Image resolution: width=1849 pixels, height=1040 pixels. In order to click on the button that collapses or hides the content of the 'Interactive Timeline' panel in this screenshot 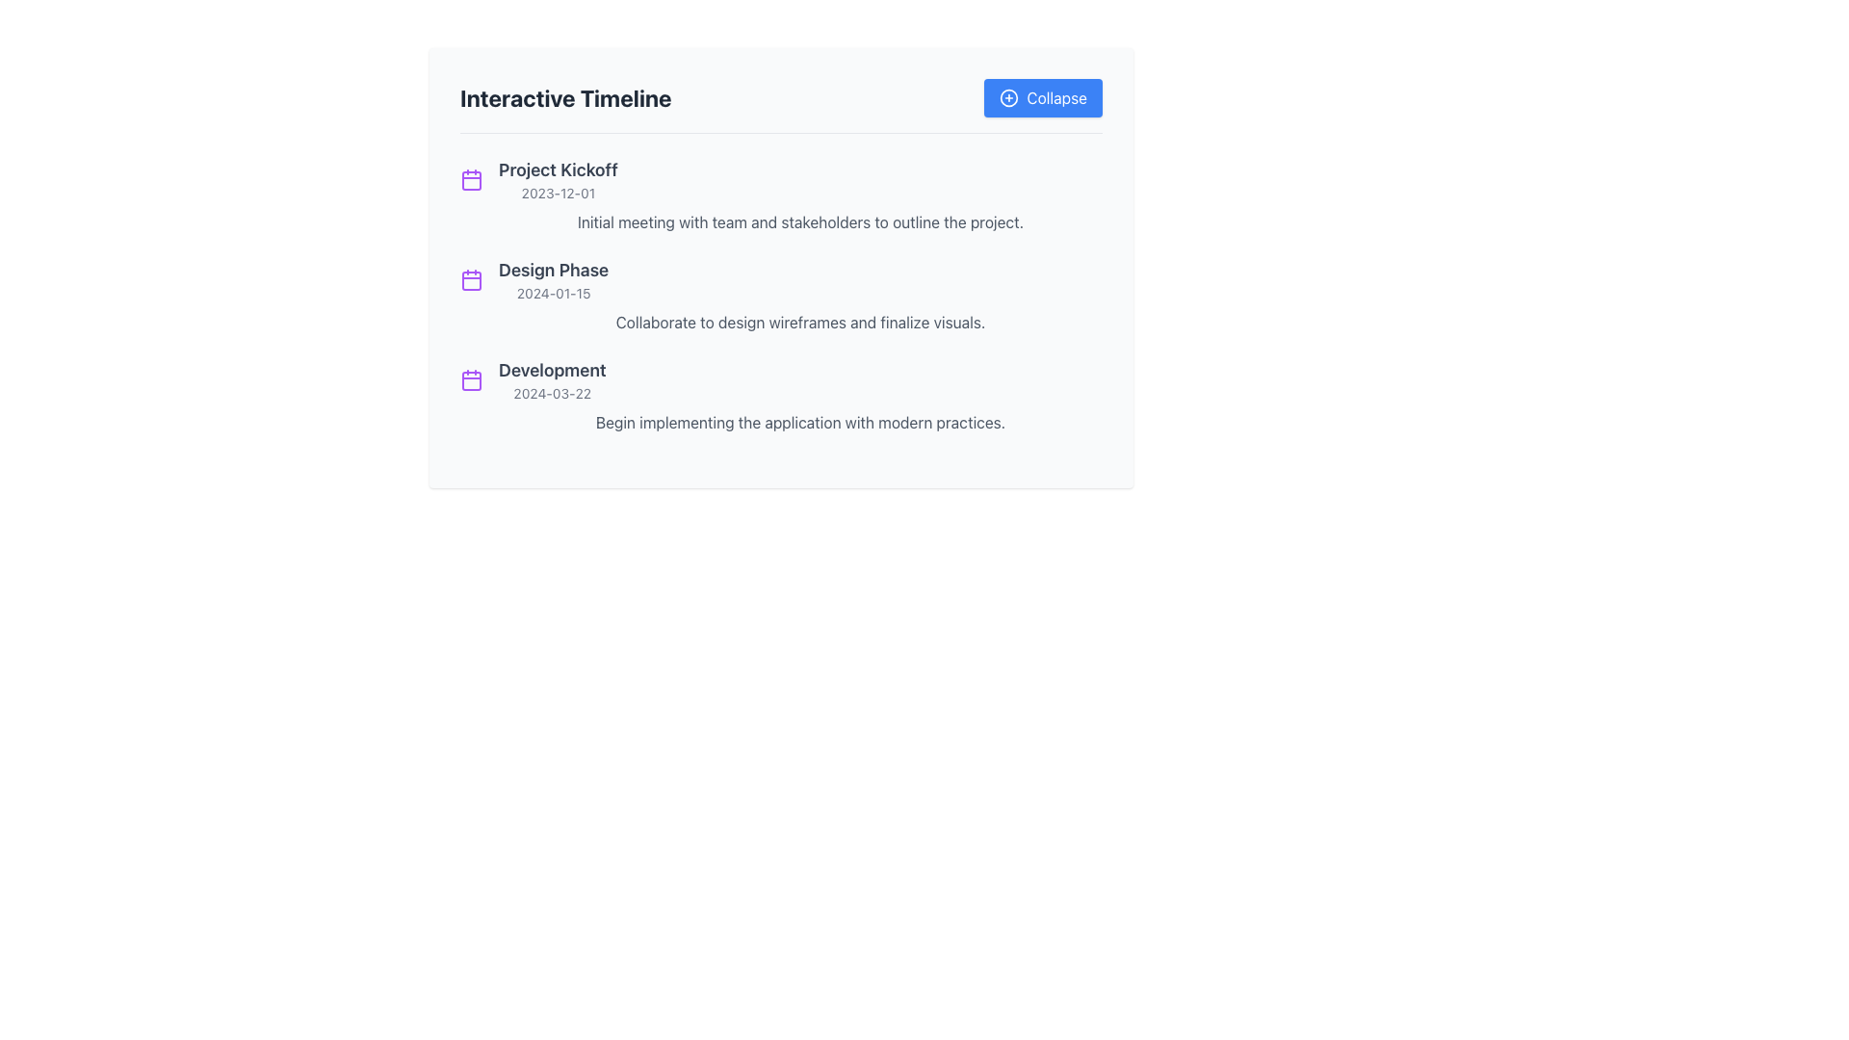, I will do `click(1042, 97)`.